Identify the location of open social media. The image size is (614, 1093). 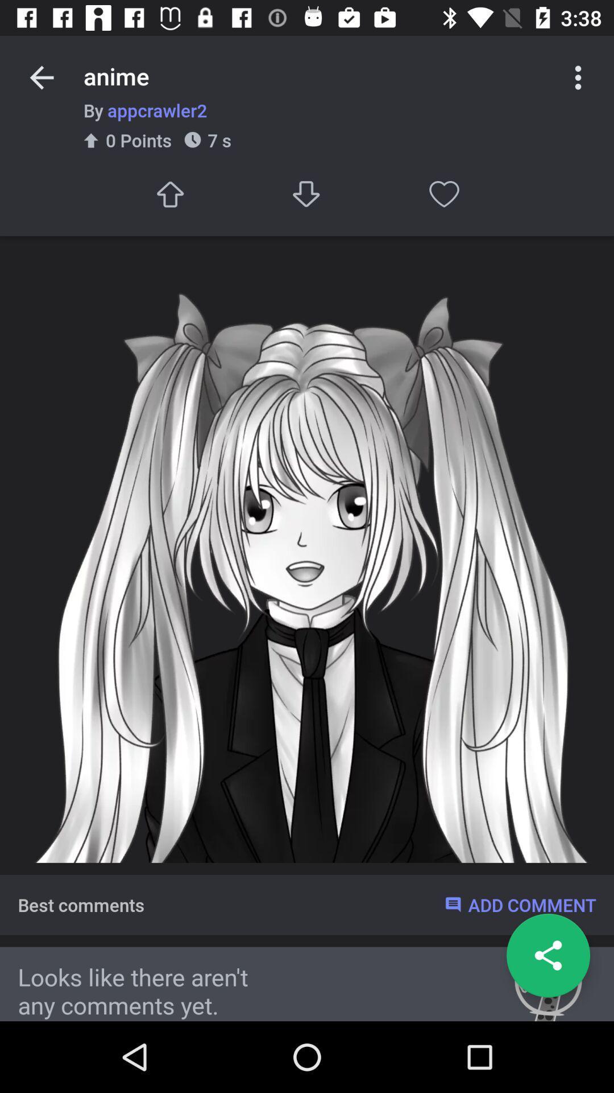
(547, 955).